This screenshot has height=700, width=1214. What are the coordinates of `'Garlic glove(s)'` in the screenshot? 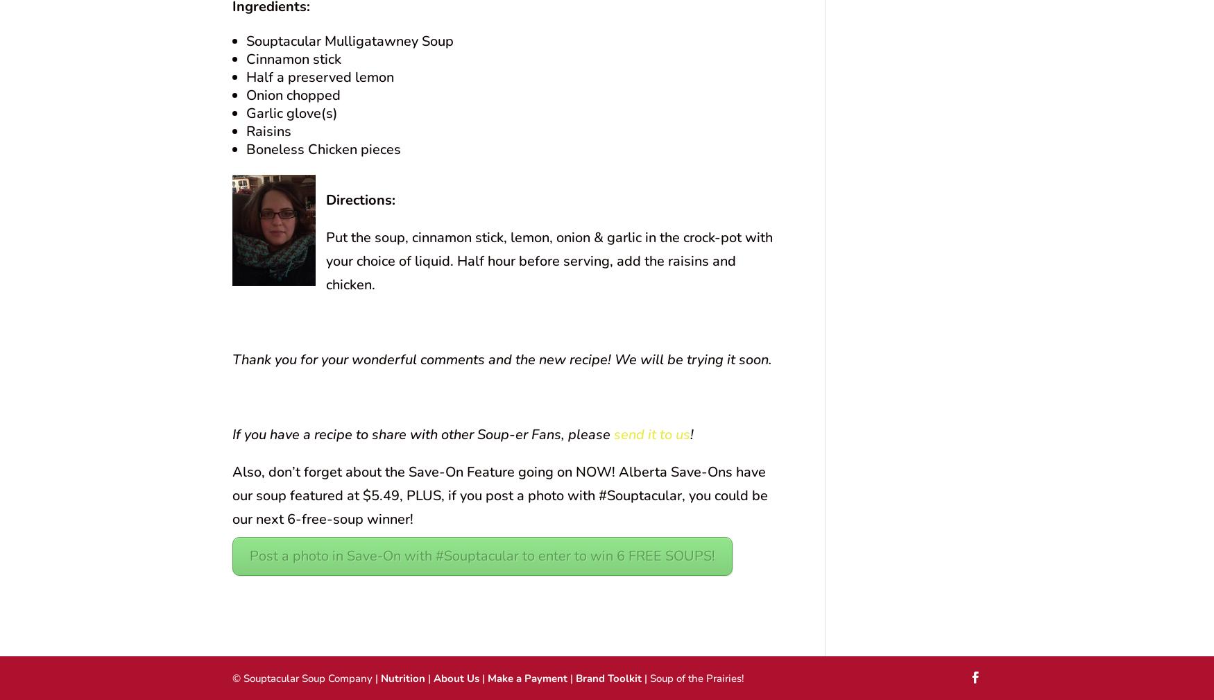 It's located at (246, 112).